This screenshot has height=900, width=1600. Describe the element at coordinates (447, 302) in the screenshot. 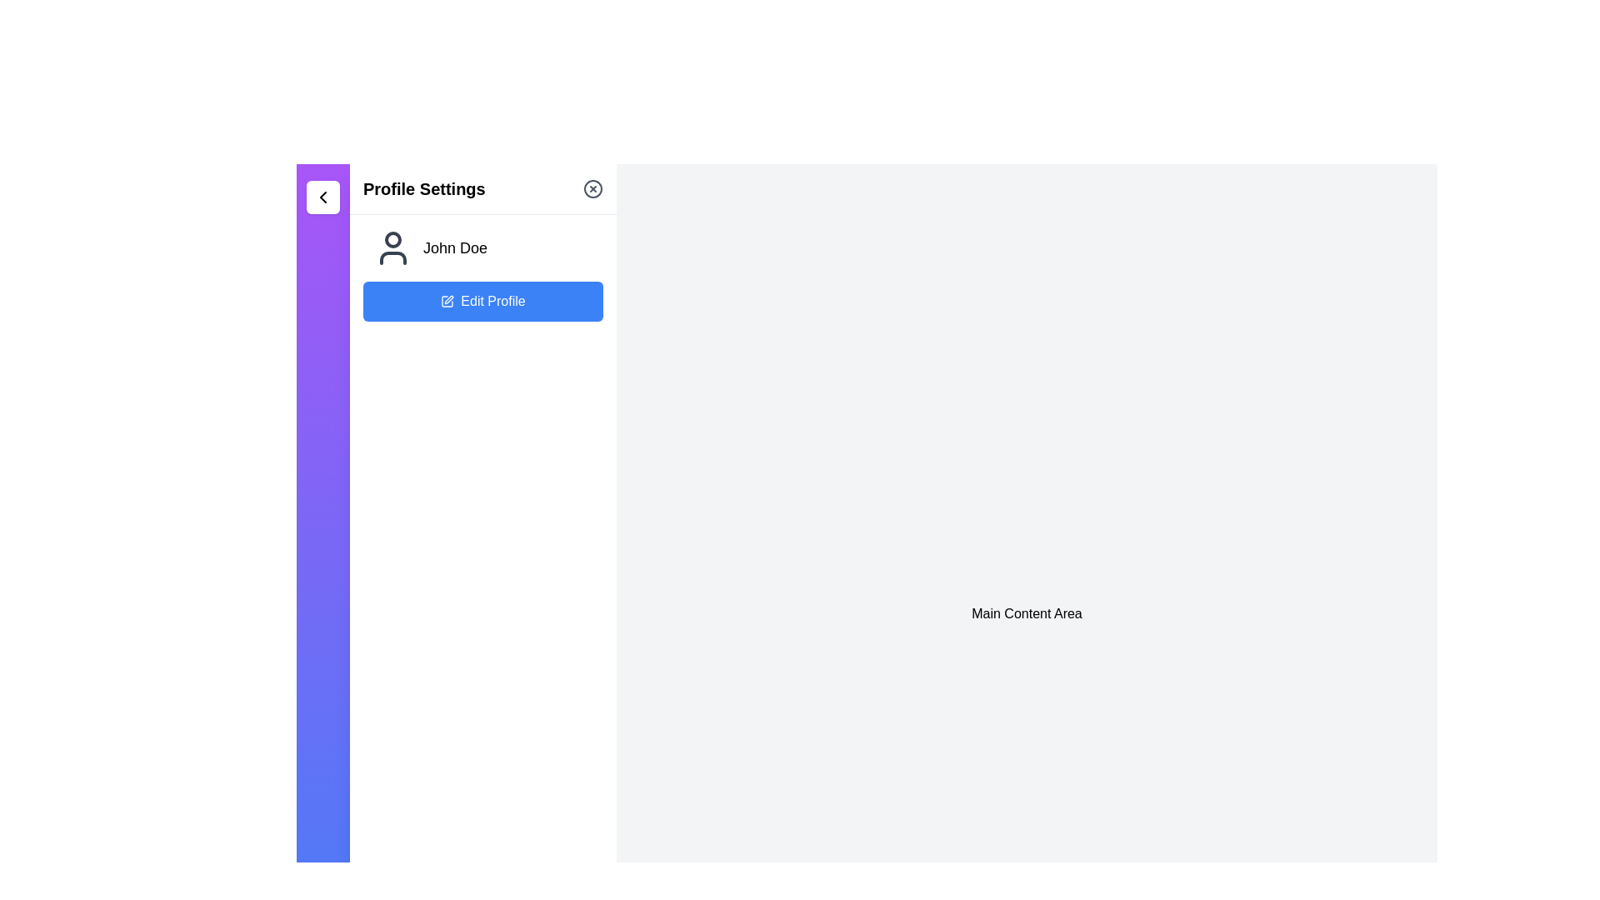

I see `the small square icon with pen or edit-related graphics located on the left side of the 'Edit Profile' button, which is below the user name 'John Doe'` at that location.